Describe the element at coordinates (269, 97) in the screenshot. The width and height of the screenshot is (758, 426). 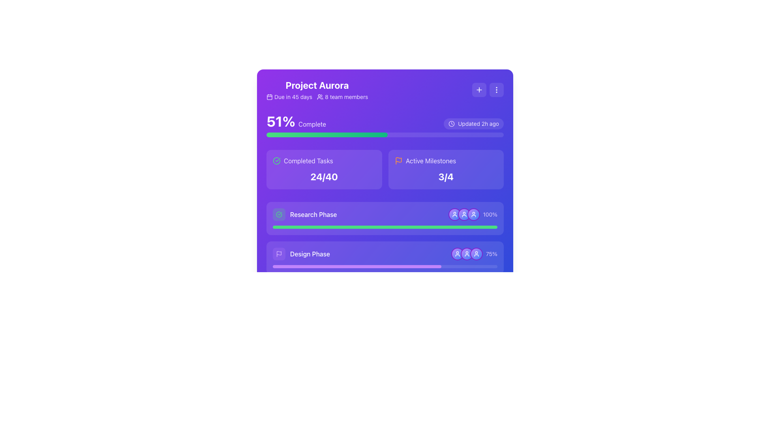
I see `the prominent inner rectangular component of the calendar icon located adjacent to the 'Due in 45 days' text` at that location.